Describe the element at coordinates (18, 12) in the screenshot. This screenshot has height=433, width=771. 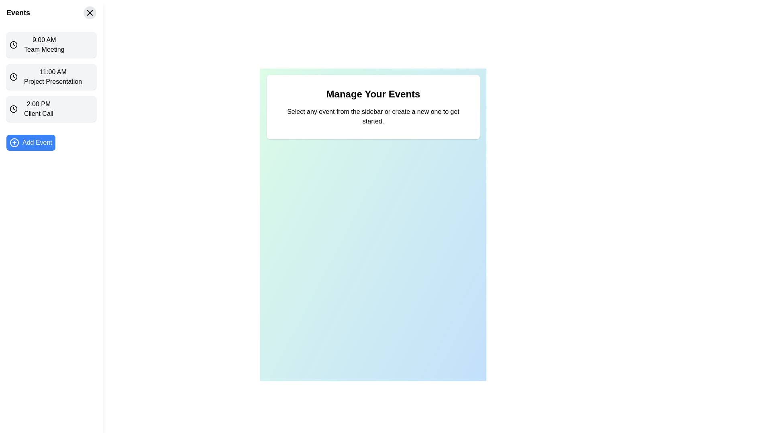
I see `the prominent 'Events' static text label styled in bold and large font, located at the top left of the sidebar` at that location.